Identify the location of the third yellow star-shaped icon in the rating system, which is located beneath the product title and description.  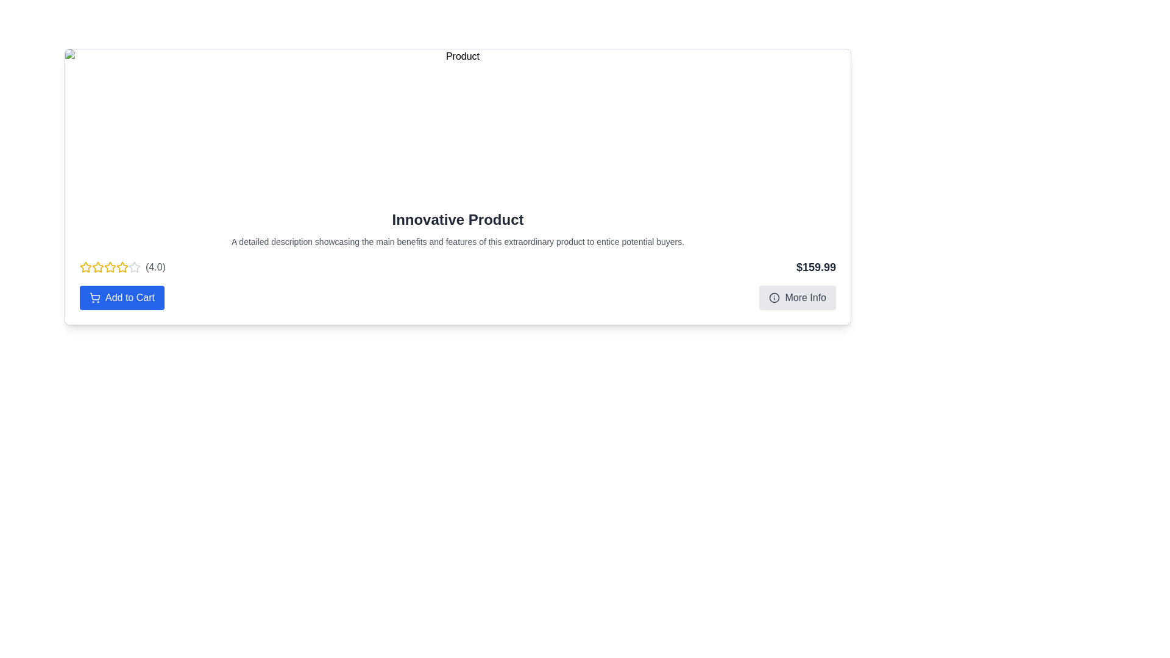
(98, 267).